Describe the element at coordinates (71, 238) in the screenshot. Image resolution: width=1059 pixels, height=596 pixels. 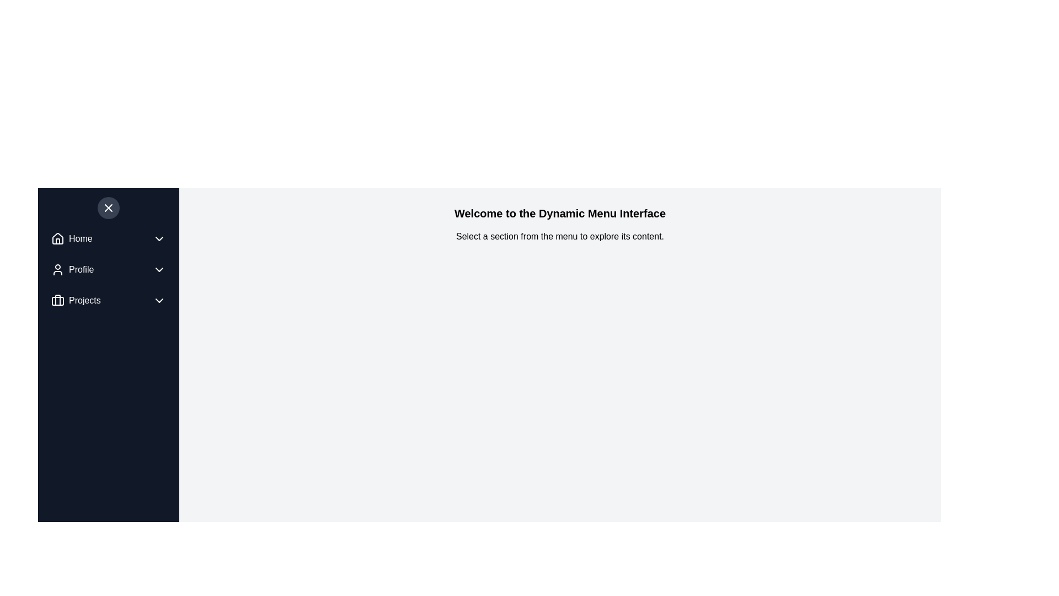
I see `text label displaying 'Home', which is styled in white text against a dark background and is part of the vertical navigation menu, located next to a house icon` at that location.